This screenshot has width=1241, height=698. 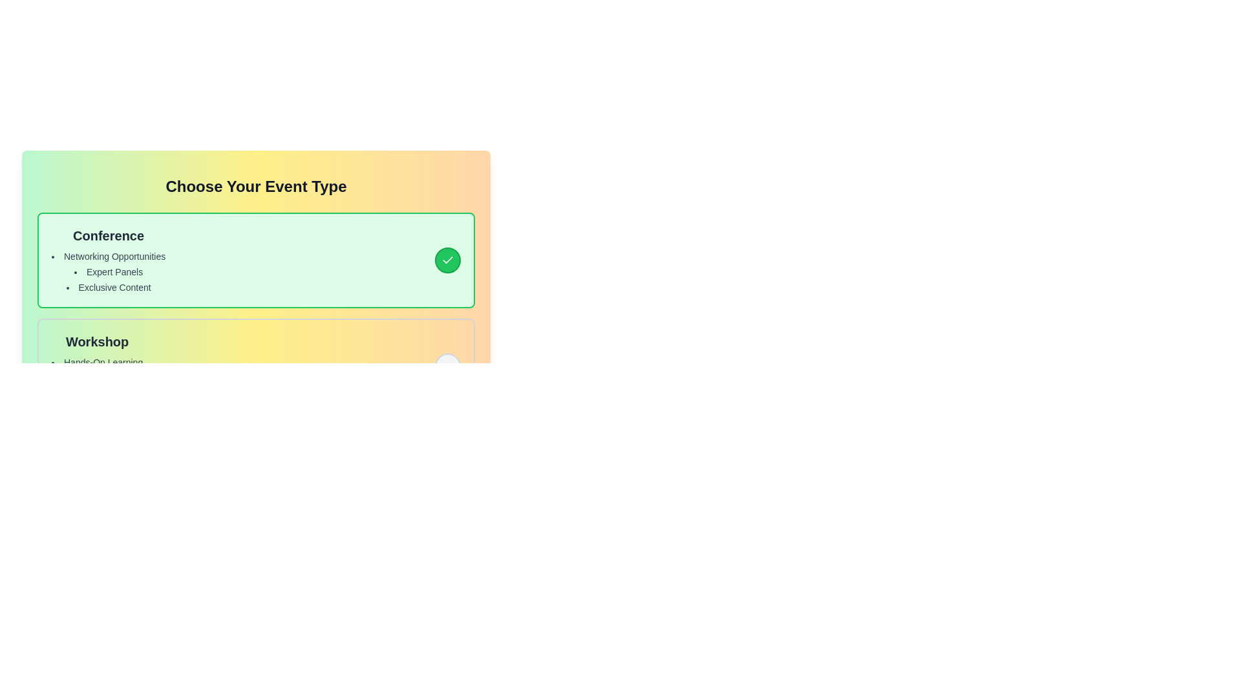 I want to click on the interactive button located to the right-hand side of the 'Workshop' section to initiate an action, so click(x=447, y=366).